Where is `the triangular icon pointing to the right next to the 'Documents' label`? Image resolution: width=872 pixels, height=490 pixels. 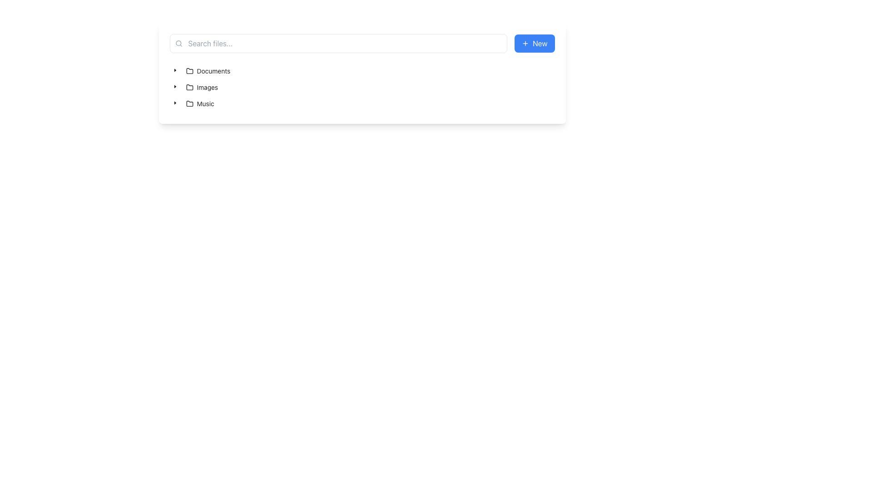 the triangular icon pointing to the right next to the 'Documents' label is located at coordinates (175, 71).